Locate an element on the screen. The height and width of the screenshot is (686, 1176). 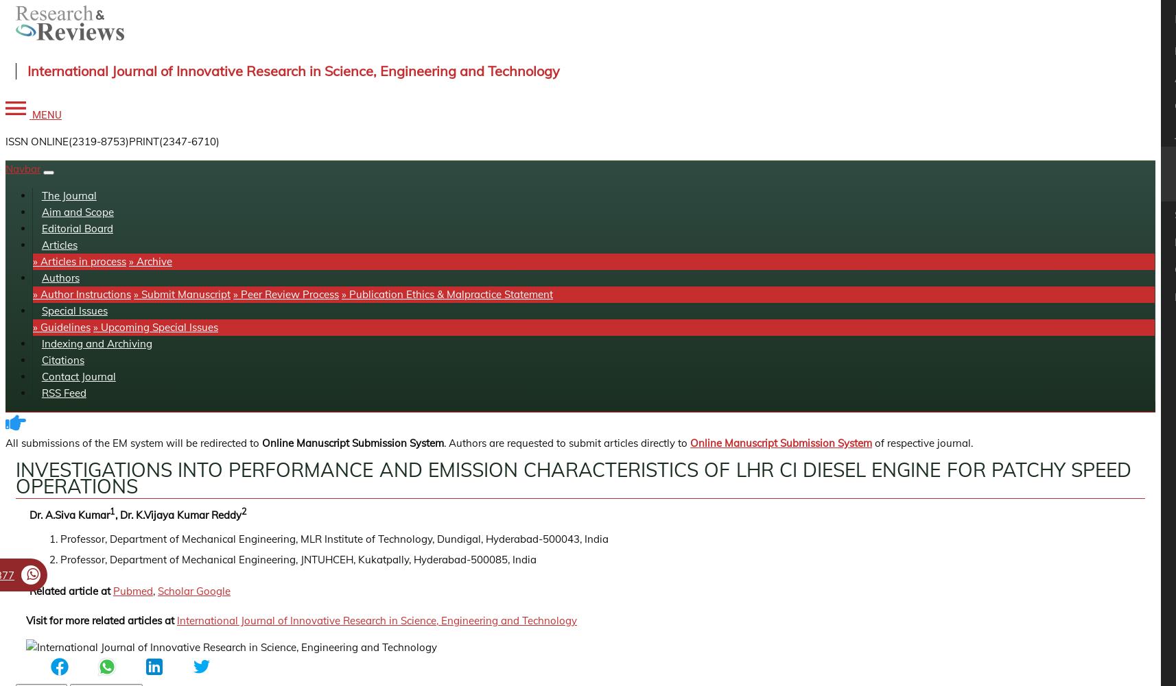
', Dr. K.Vijaya Kumar Reddy' is located at coordinates (178, 515).